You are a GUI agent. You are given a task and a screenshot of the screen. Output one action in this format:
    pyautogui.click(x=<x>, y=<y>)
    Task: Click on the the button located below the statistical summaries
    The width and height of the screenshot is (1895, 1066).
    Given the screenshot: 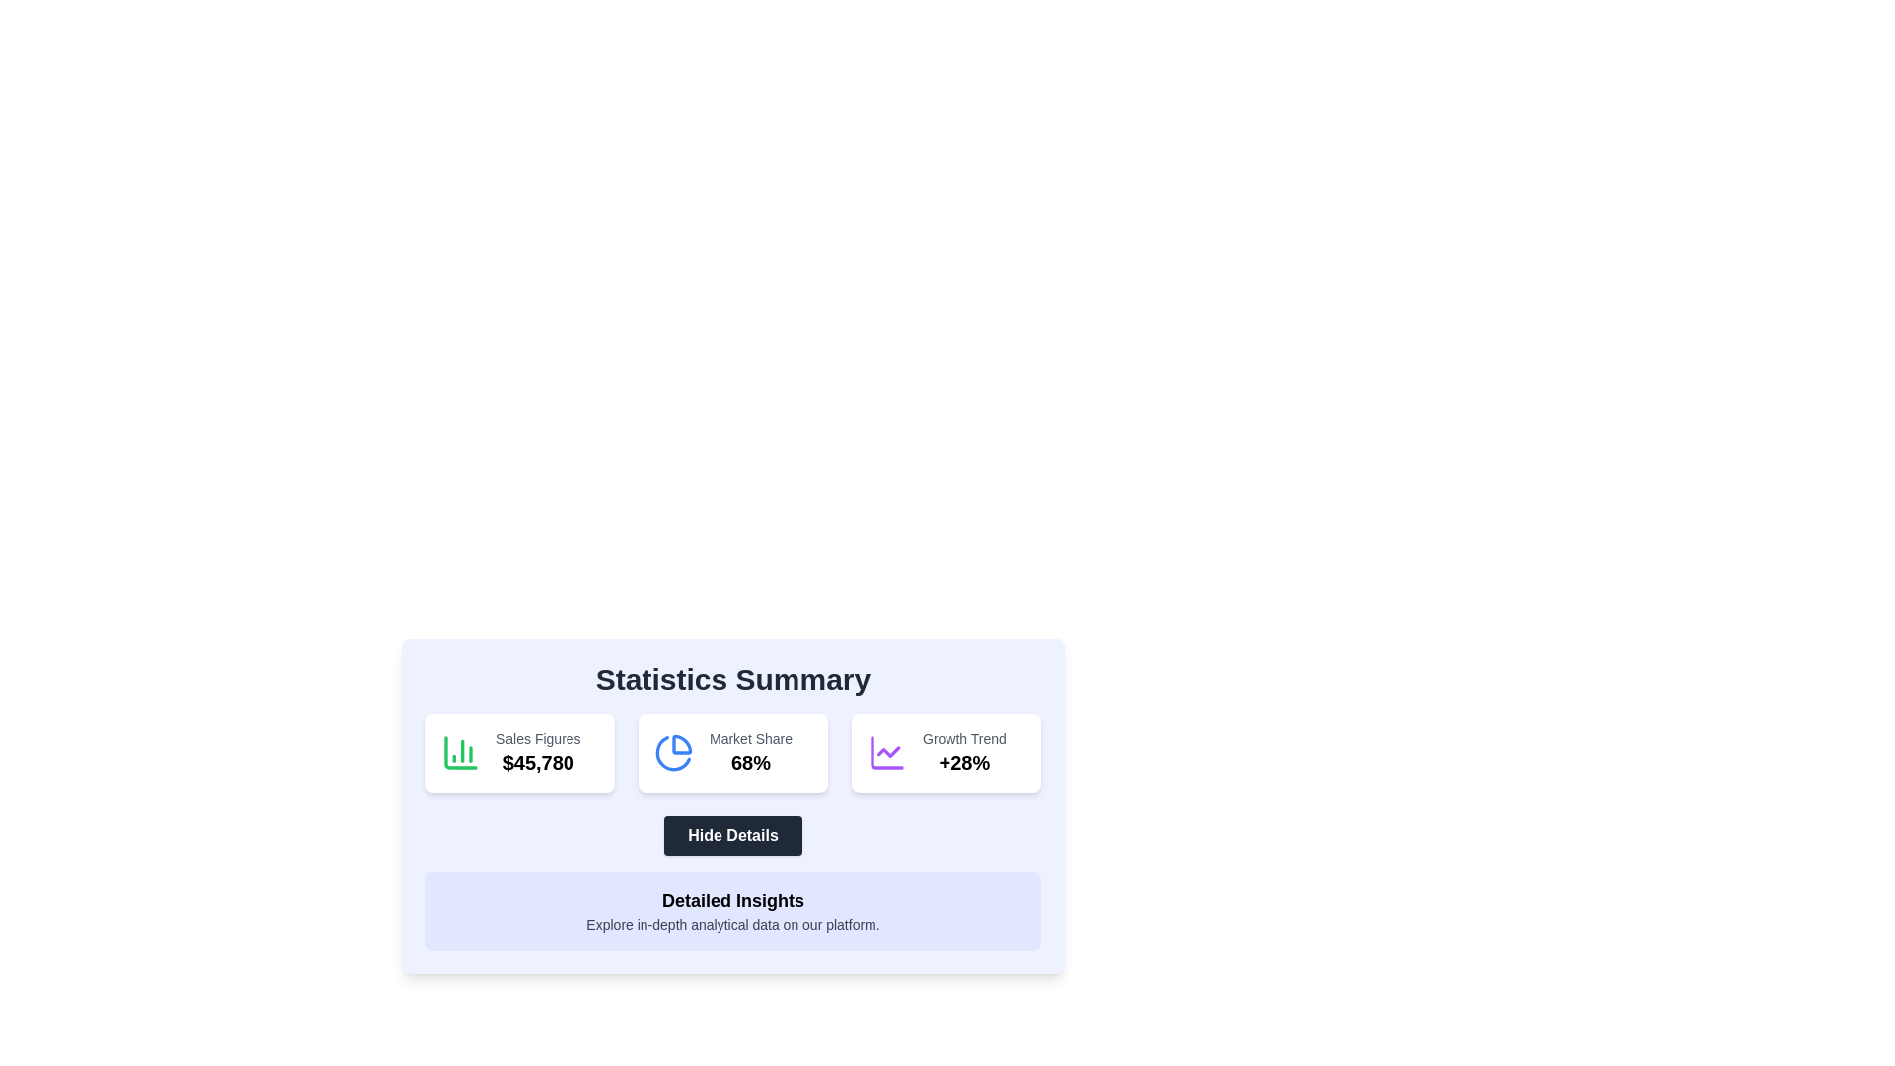 What is the action you would take?
    pyautogui.click(x=732, y=836)
    